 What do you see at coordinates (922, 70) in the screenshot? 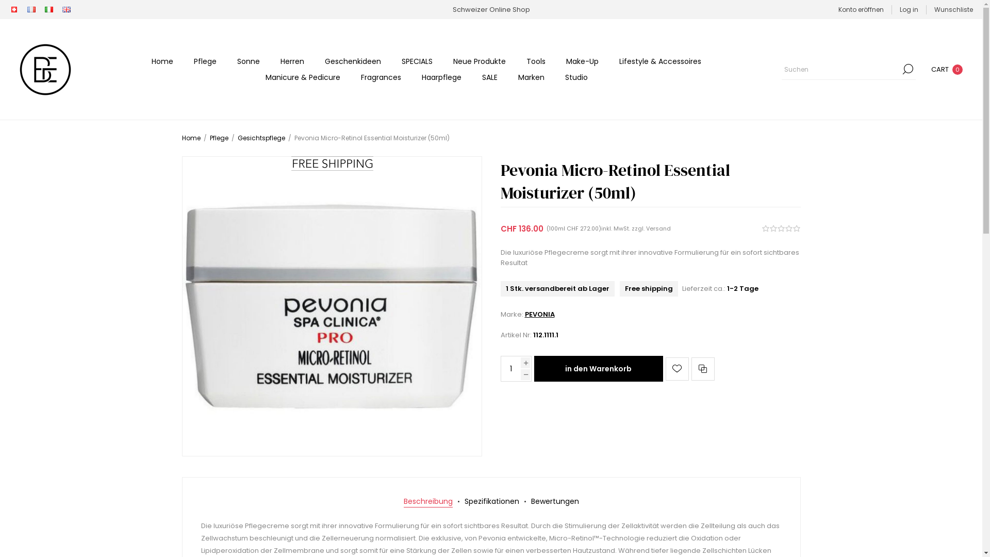
I see `'CART 0'` at bounding box center [922, 70].